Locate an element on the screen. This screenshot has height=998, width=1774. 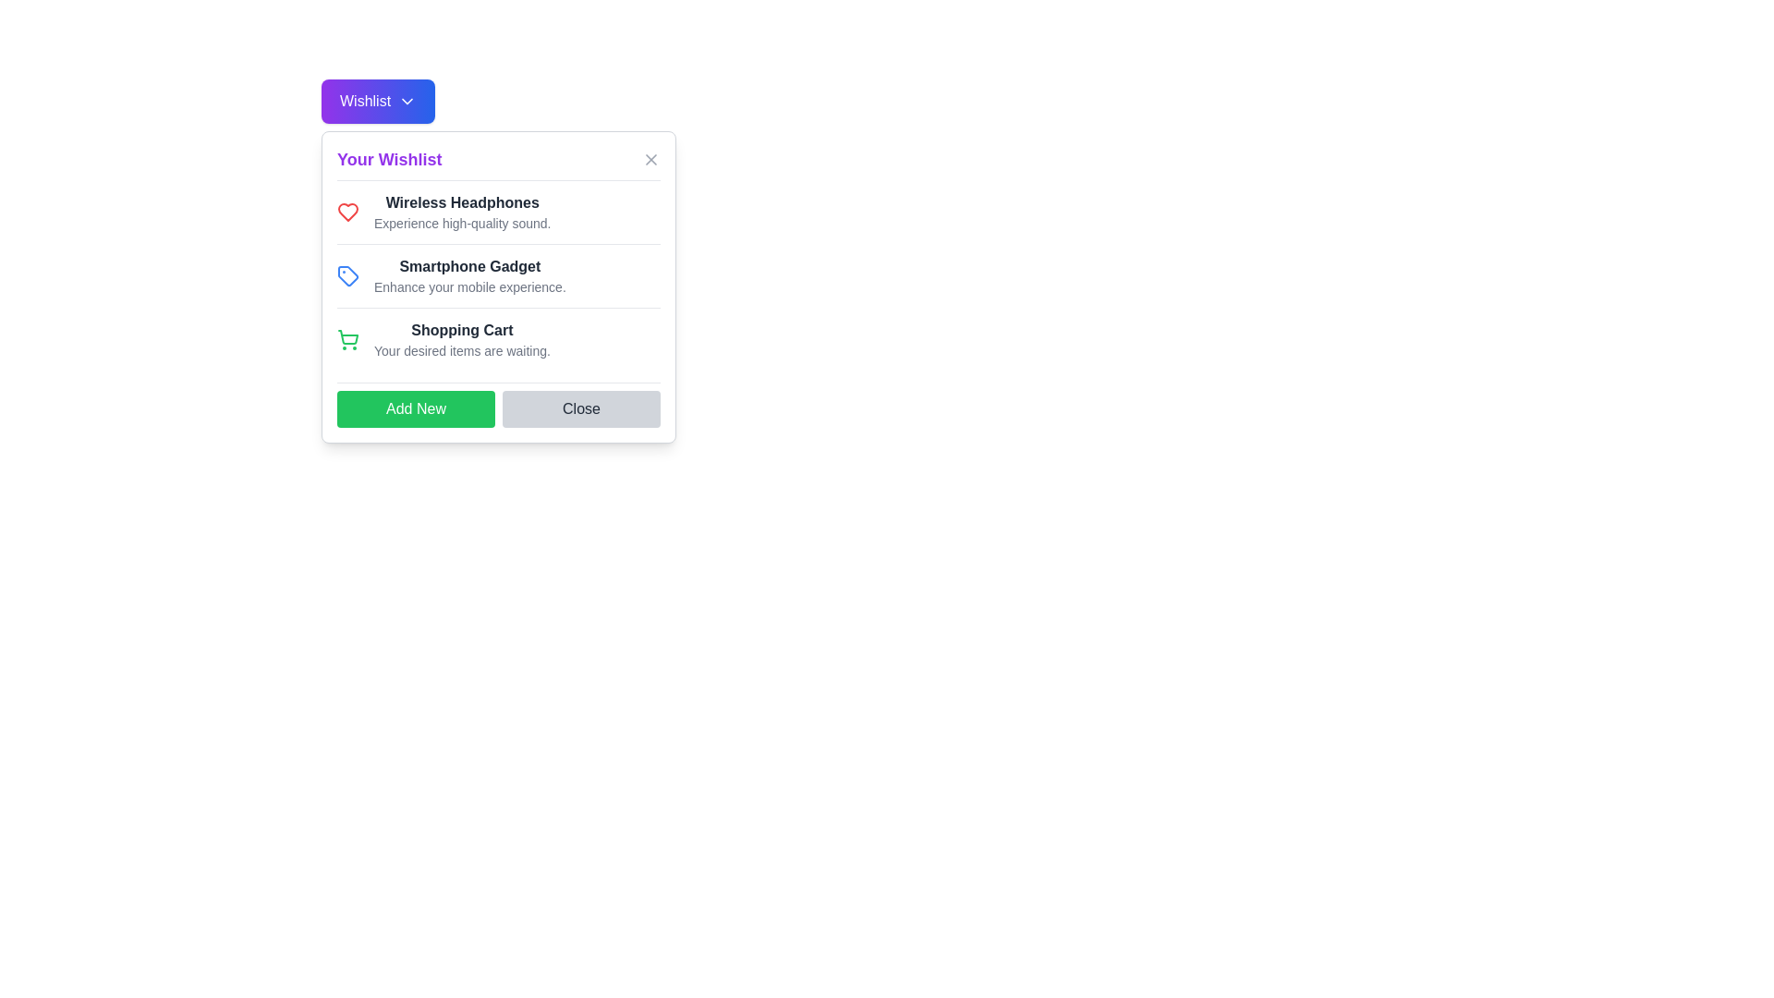
the informational text block that indicates items in the shopping cart, located in the third row of the 'Your Wishlist' card, below the 'Smartphone Gadget' item is located at coordinates (498, 339).